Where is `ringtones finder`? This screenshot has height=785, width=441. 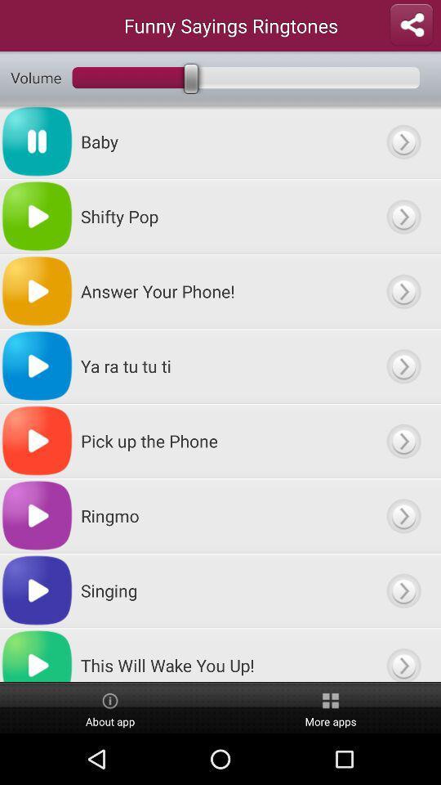
ringtones finder is located at coordinates (403, 366).